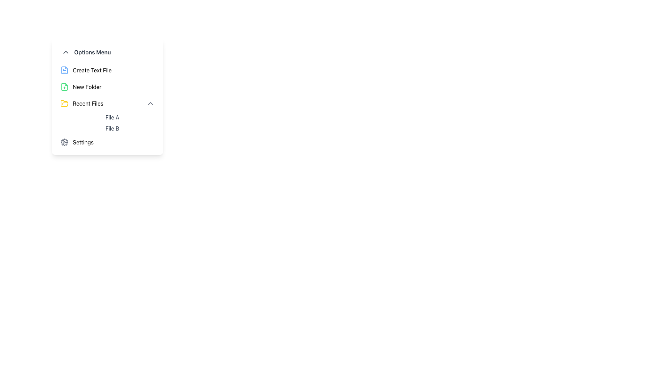 This screenshot has height=374, width=666. What do you see at coordinates (107, 96) in the screenshot?
I see `the vertical dropdown menu with a white background and rounded corners` at bounding box center [107, 96].